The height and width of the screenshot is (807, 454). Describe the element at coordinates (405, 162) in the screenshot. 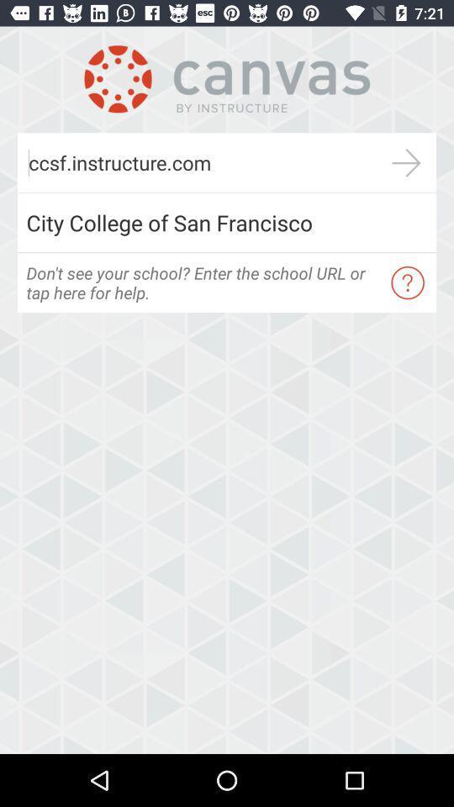

I see `the arrow_forward icon` at that location.